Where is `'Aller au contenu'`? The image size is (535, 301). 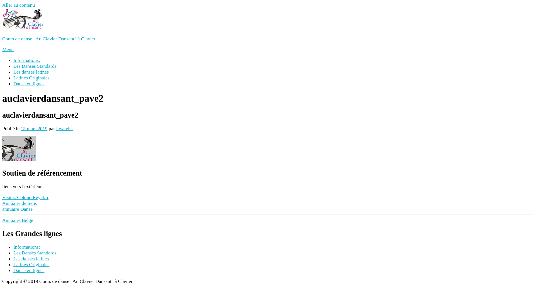 'Aller au contenu' is located at coordinates (18, 5).